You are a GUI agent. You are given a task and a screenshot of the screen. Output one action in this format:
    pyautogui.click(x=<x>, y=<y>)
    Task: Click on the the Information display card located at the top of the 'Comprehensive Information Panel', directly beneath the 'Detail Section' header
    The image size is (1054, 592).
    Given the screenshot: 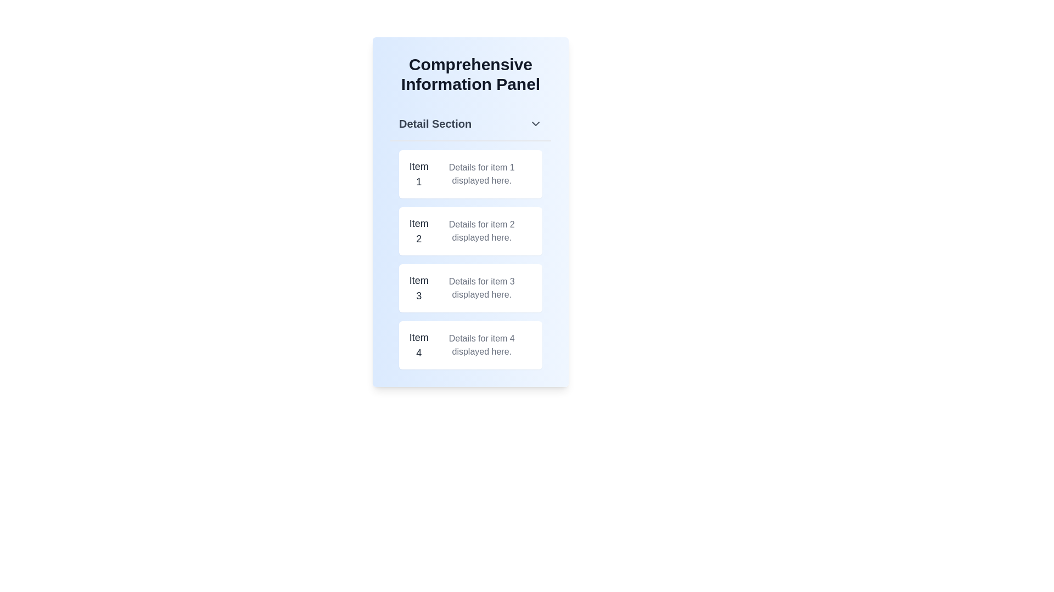 What is the action you would take?
    pyautogui.click(x=470, y=173)
    